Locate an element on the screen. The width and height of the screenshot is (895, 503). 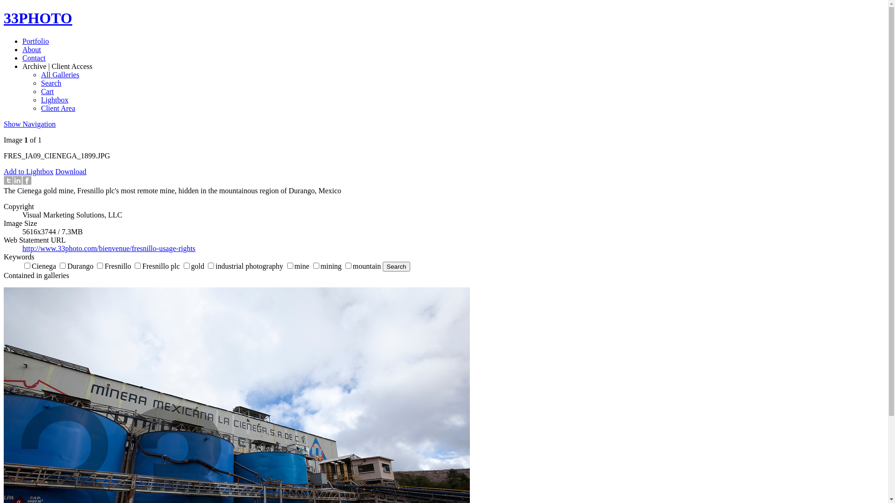
'Search' is located at coordinates (396, 266).